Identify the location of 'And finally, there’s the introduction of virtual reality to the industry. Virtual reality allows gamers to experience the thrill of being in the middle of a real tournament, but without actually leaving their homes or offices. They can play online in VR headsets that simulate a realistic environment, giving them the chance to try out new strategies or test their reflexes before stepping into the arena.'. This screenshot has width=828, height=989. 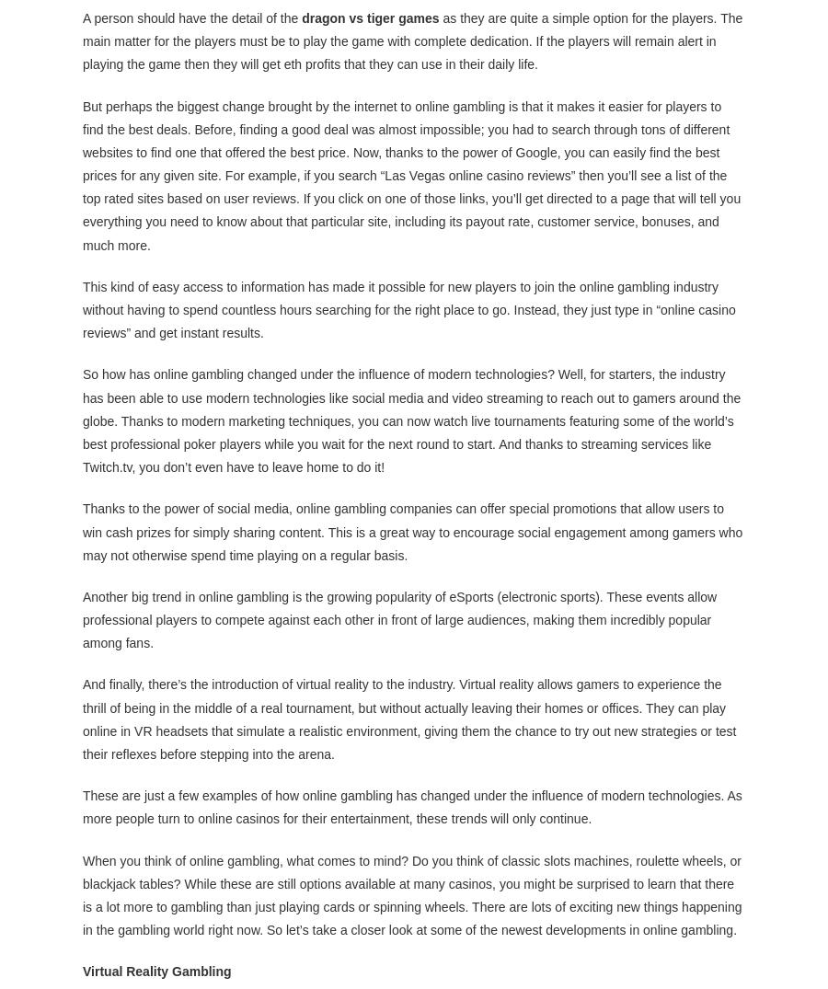
(408, 719).